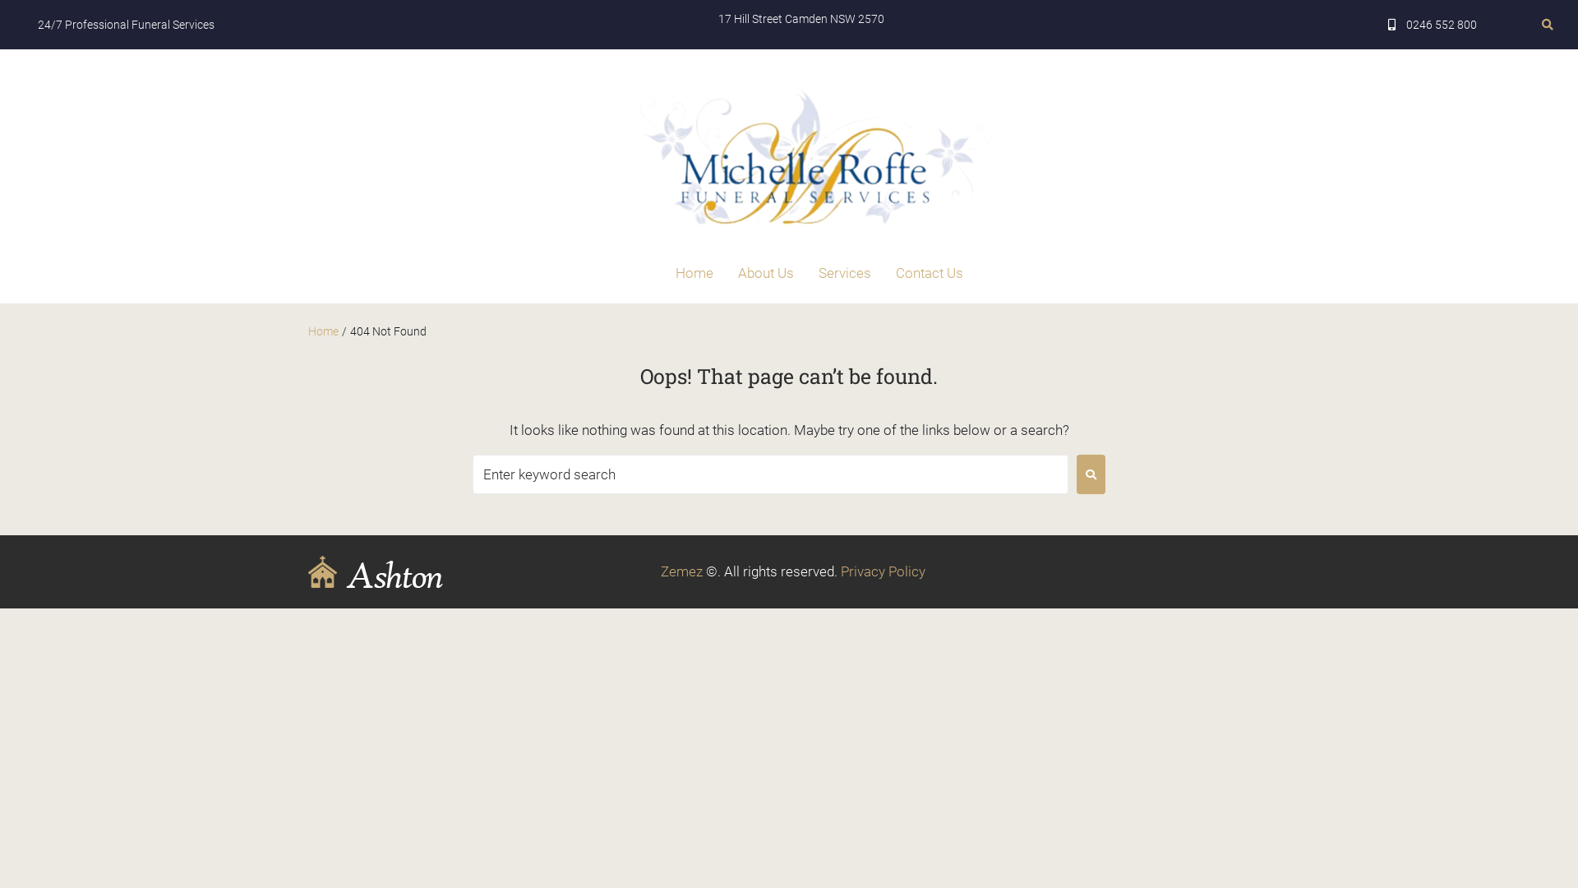 The image size is (1578, 888). I want to click on 'Privacy Policy', so click(882, 570).